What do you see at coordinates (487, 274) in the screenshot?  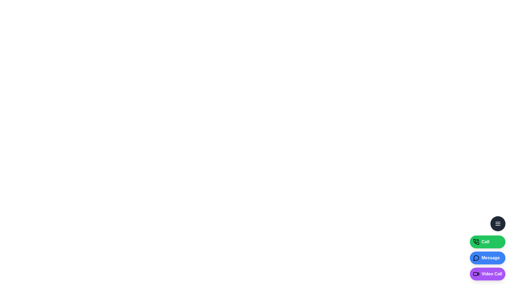 I see `the 'Video Call' button to initiate a video call` at bounding box center [487, 274].